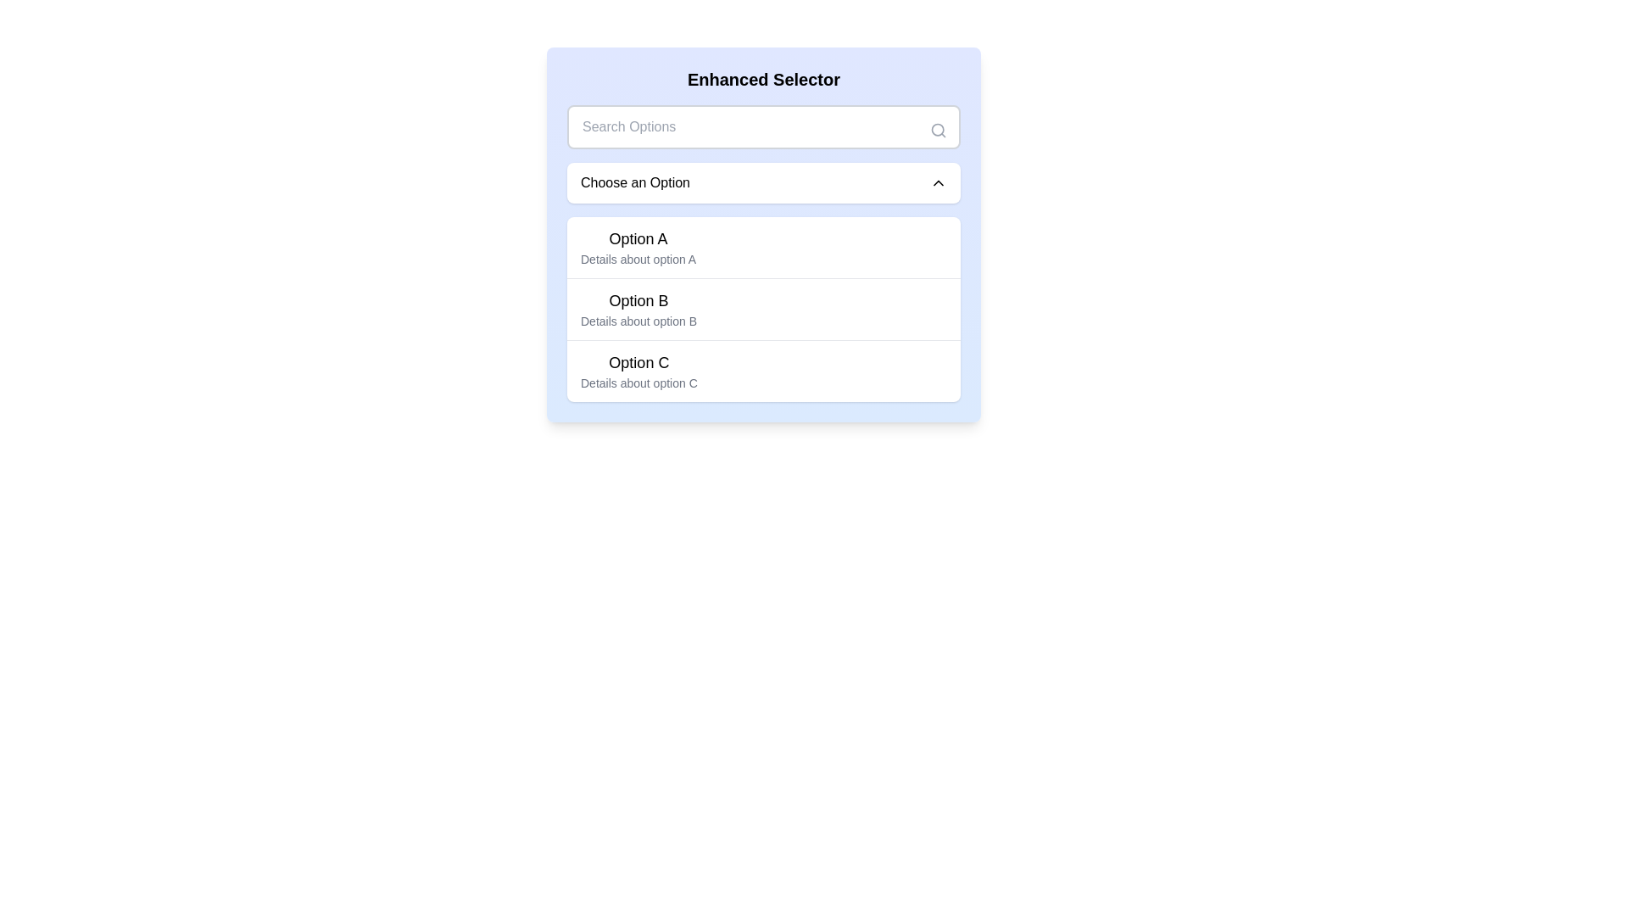 The image size is (1628, 916). I want to click on the 'Enhanced Selector' composite UI component, so click(763, 235).